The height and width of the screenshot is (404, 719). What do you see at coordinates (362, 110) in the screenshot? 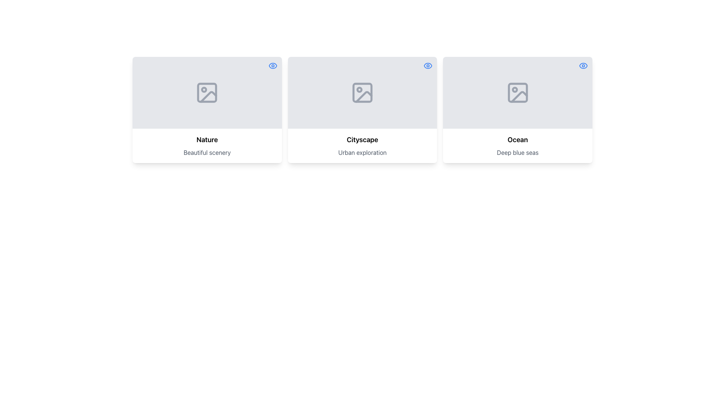
I see `the 'Cityscape' card, which is the second element in a horizontal row of three cards` at bounding box center [362, 110].